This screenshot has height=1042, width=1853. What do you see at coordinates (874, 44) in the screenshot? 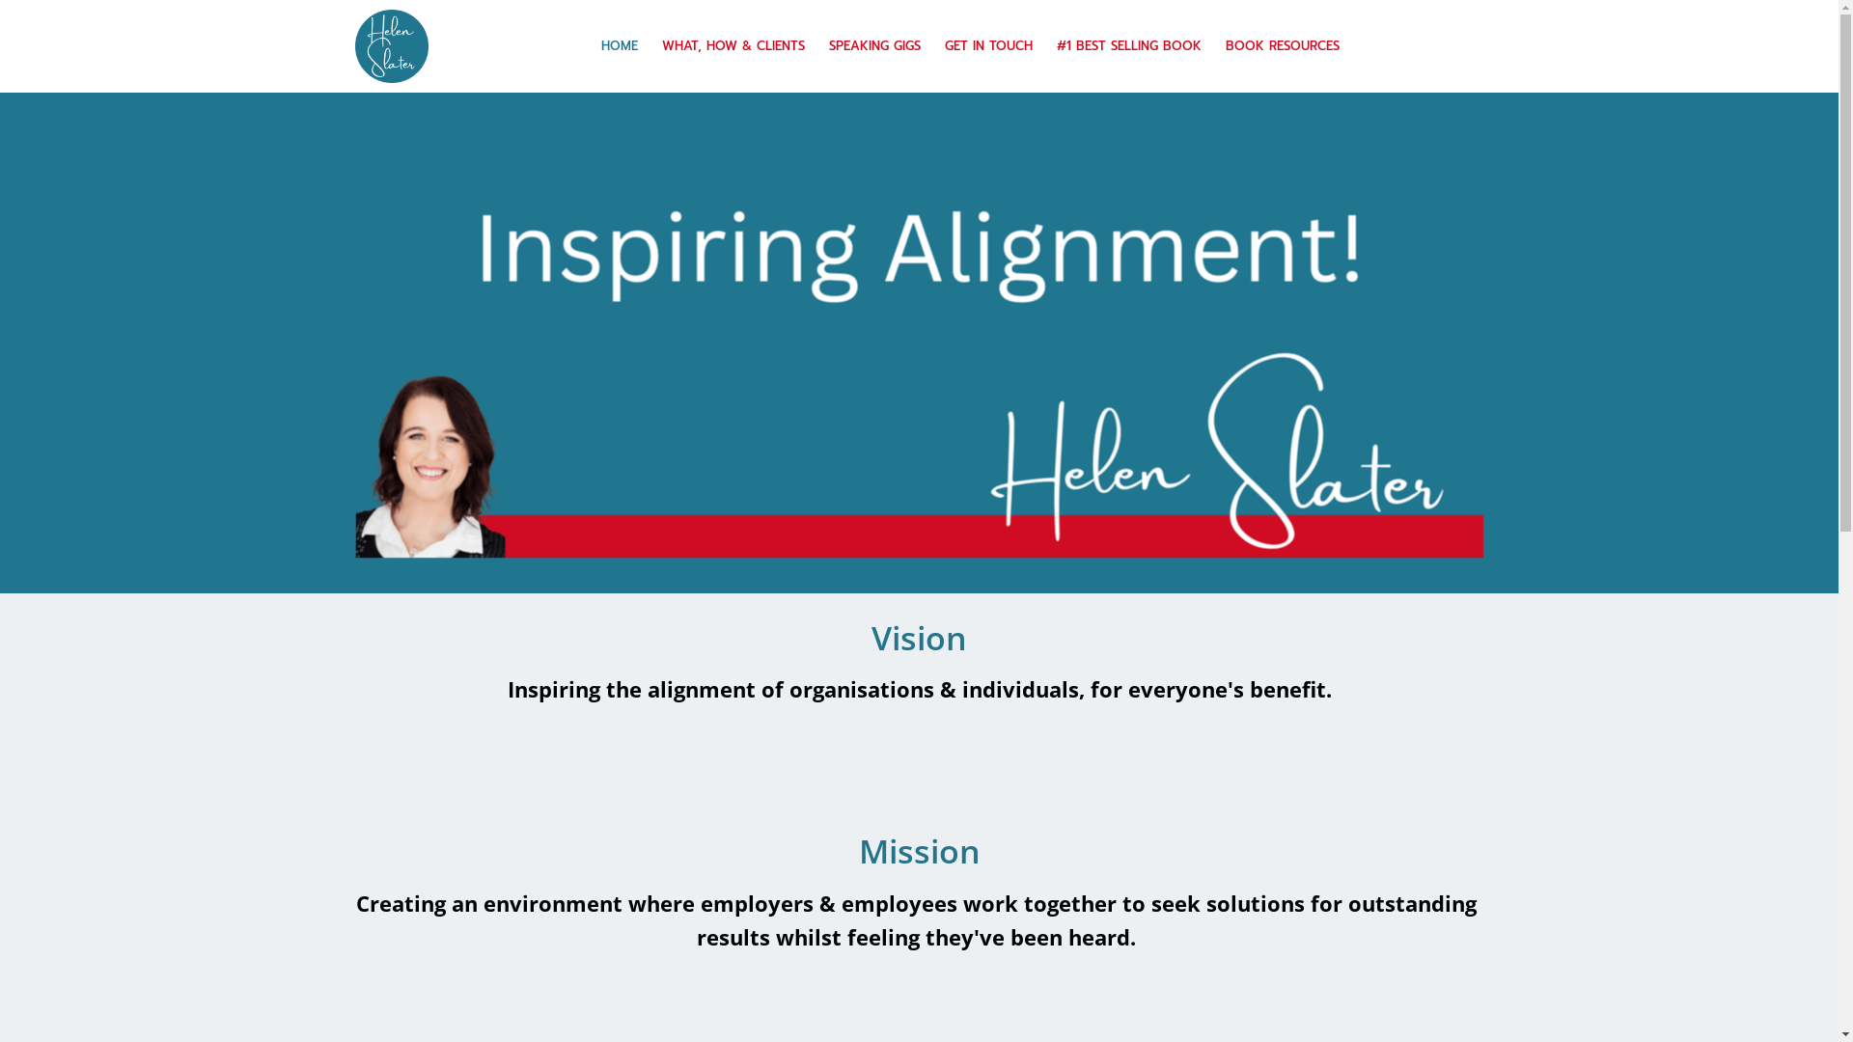
I see `'SPEAKING GIGS'` at bounding box center [874, 44].